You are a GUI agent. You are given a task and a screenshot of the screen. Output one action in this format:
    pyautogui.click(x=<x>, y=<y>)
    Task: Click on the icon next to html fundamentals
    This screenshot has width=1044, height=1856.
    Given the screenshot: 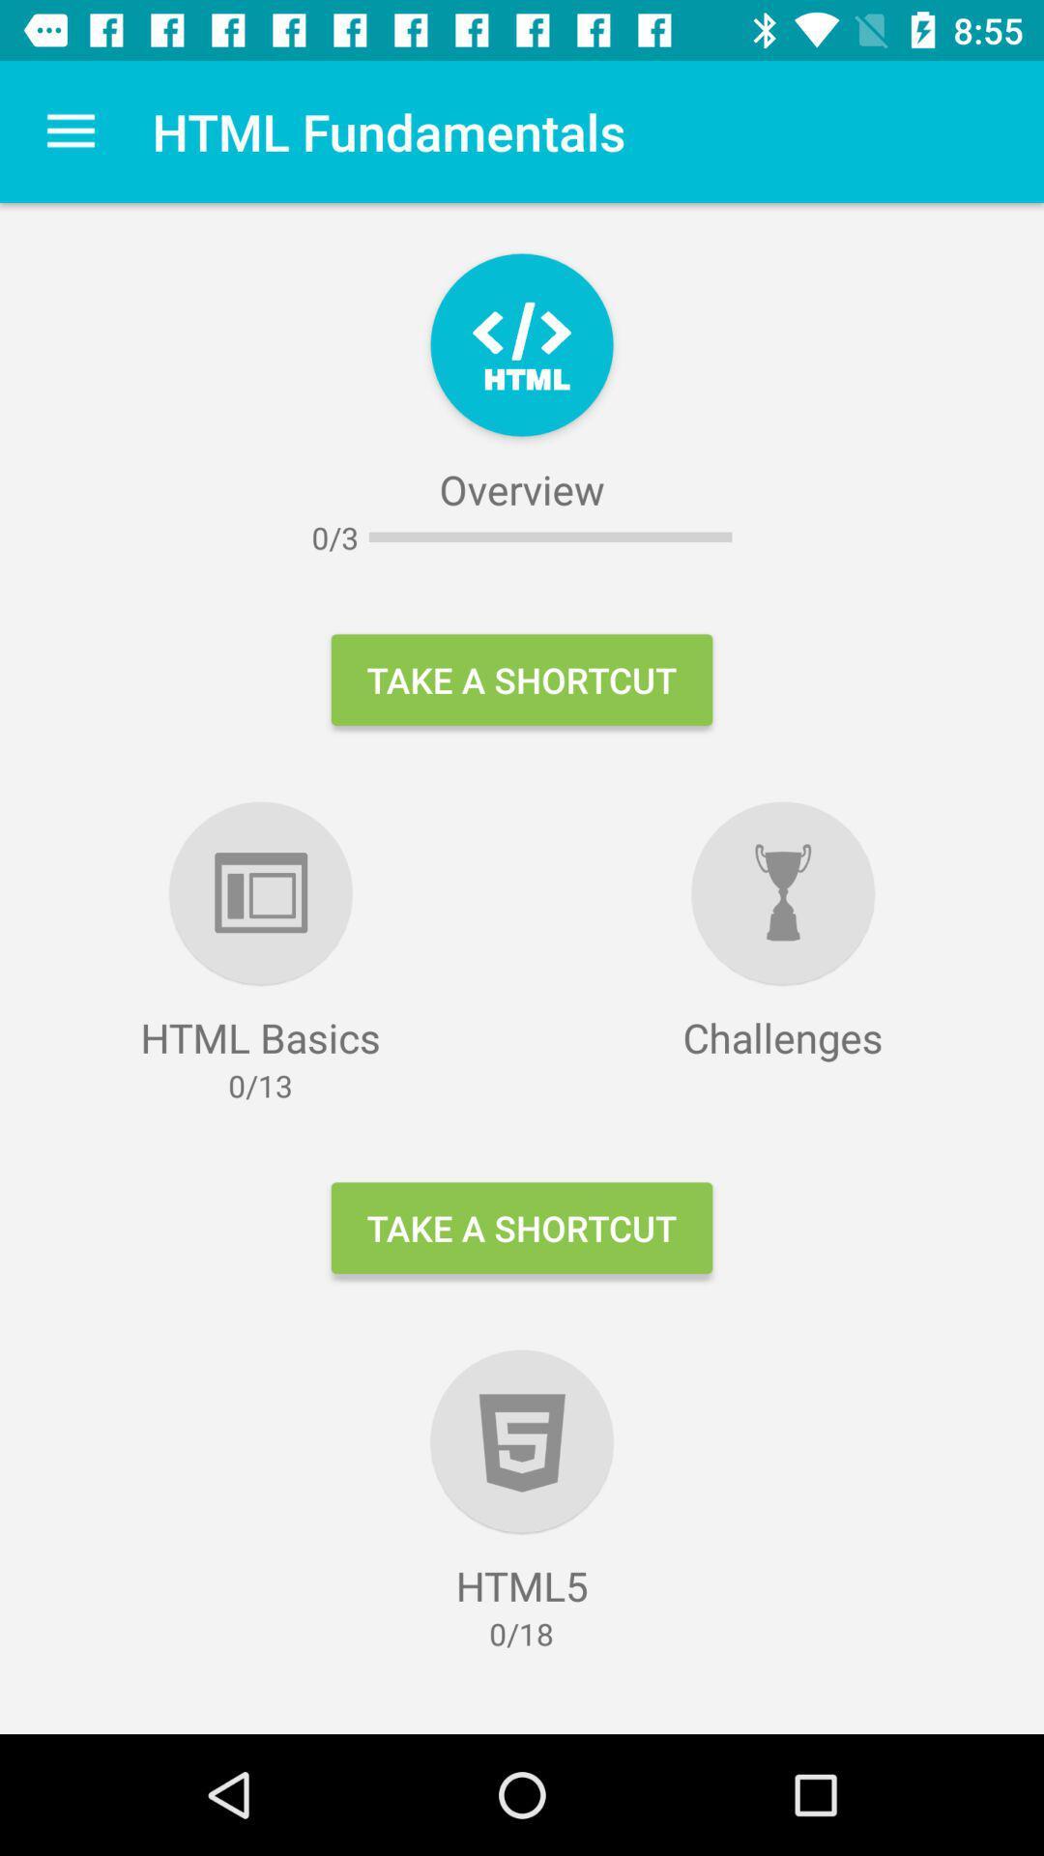 What is the action you would take?
    pyautogui.click(x=70, y=130)
    